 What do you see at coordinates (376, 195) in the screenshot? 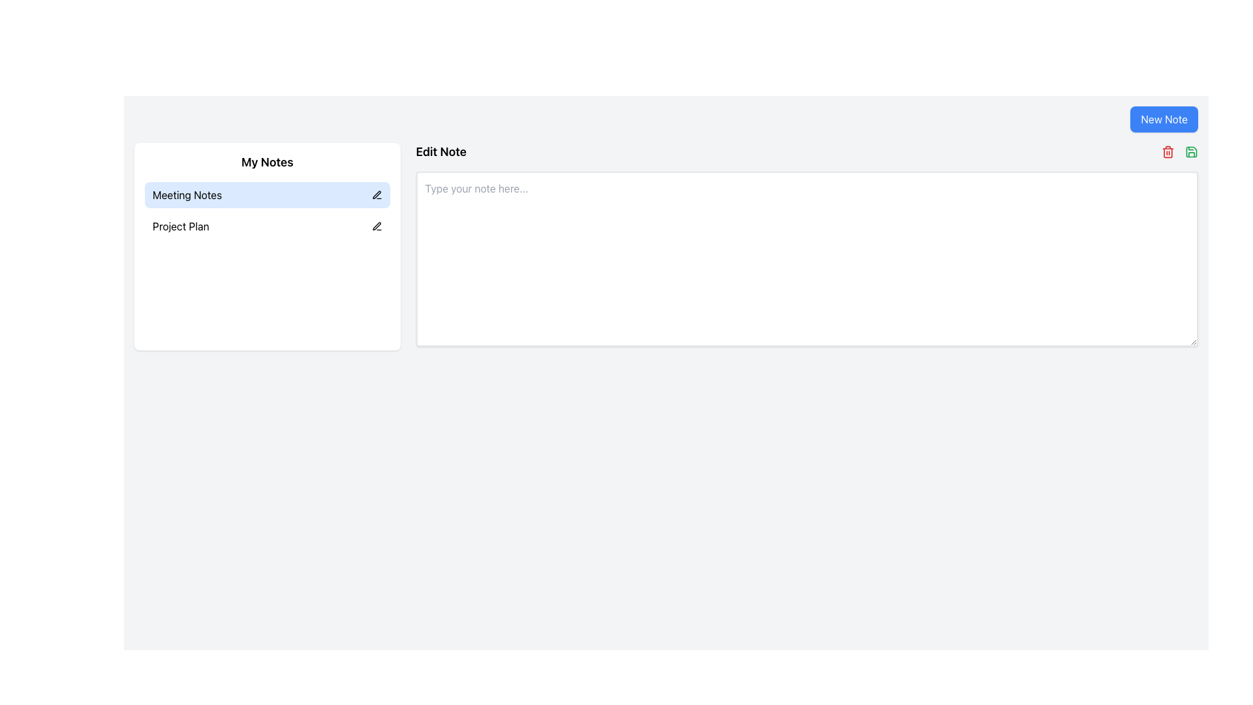
I see `the small pen icon located to the right of the 'Meeting Notes' text to trigger a tooltip` at bounding box center [376, 195].